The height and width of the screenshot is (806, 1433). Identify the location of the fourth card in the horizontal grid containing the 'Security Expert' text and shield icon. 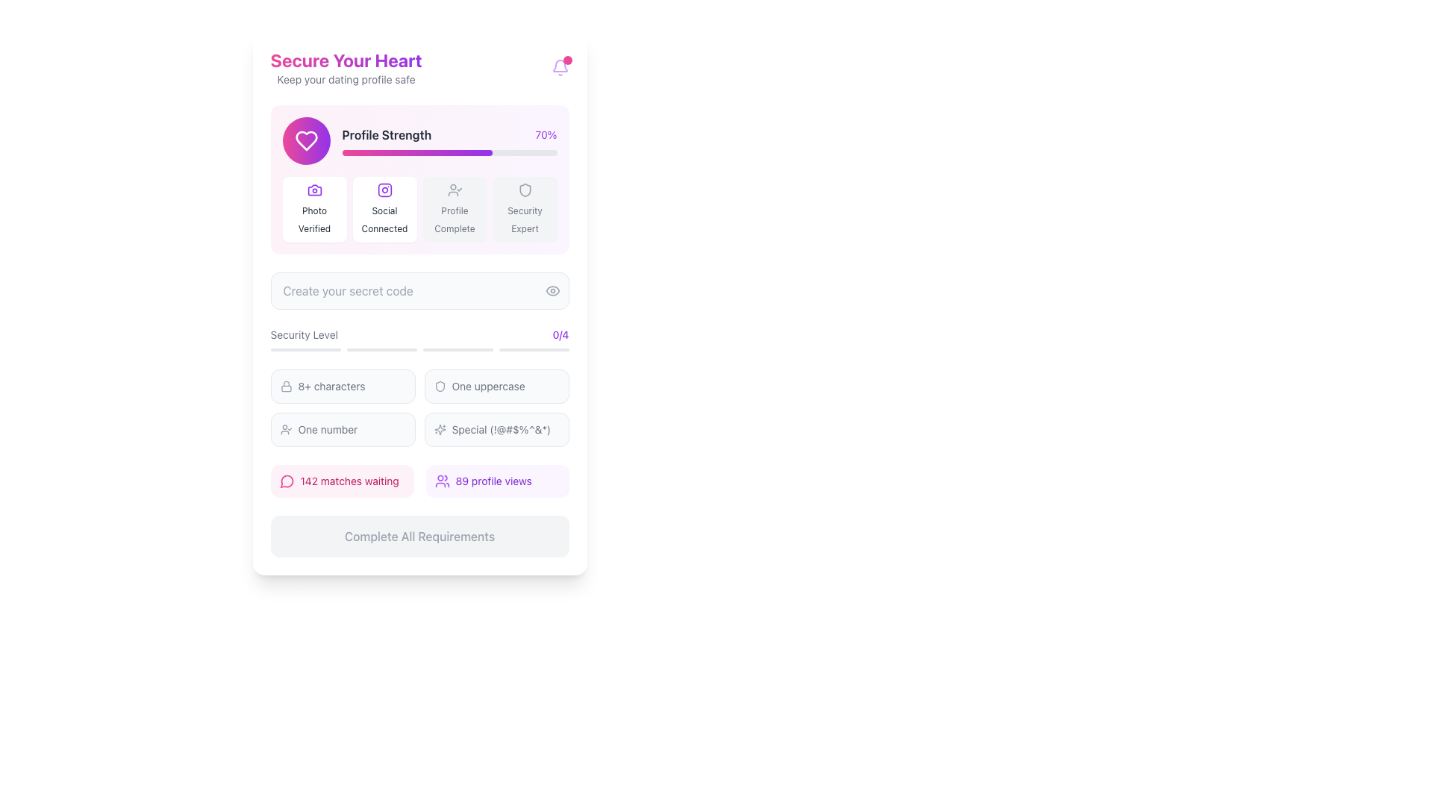
(525, 210).